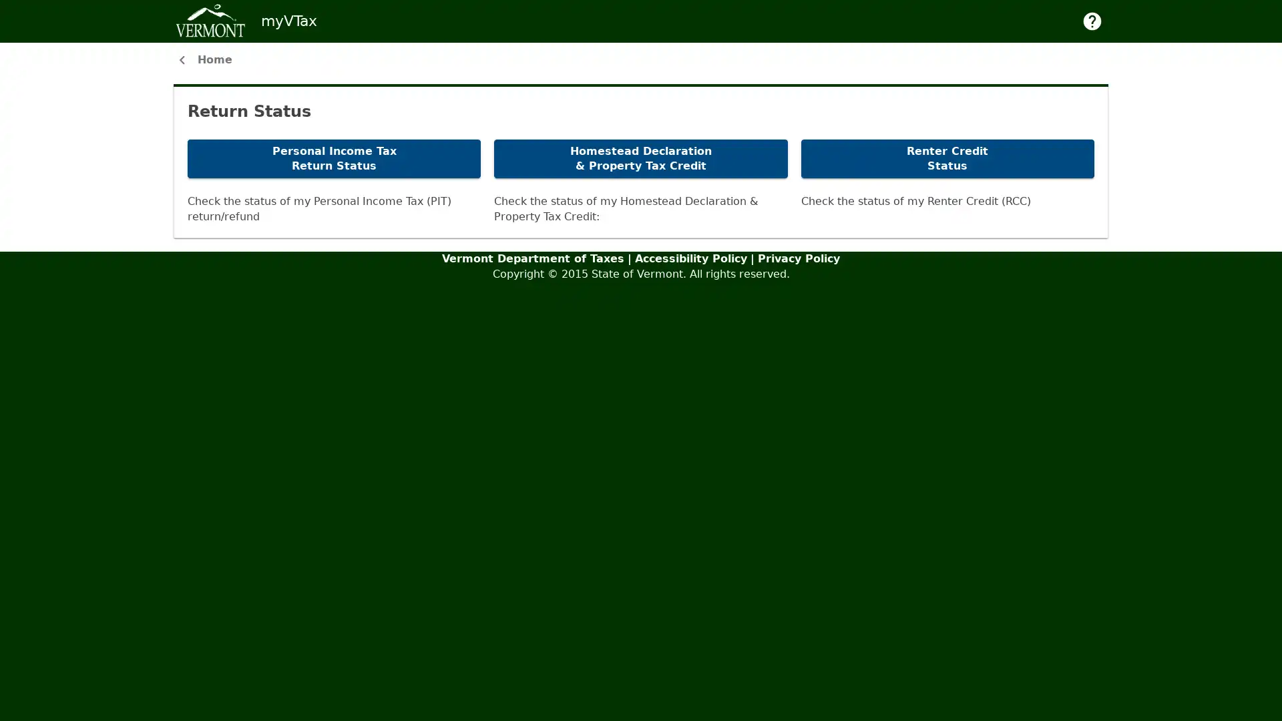  Describe the element at coordinates (334, 158) in the screenshot. I see `Personal Income Tax Return Status` at that location.